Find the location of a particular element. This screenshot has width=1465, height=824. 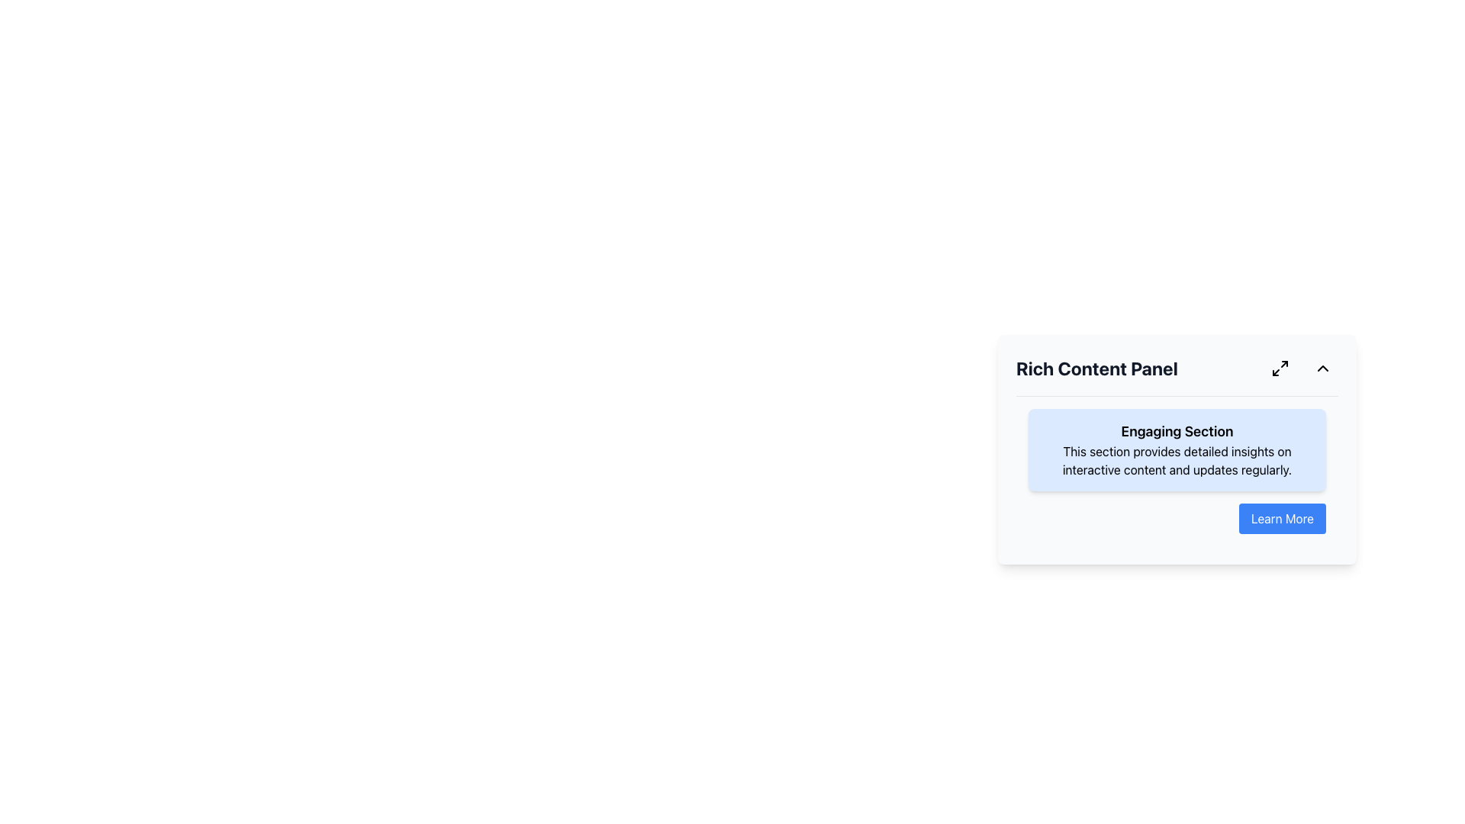

the Icon button located at the top right of the 'Rich Content Panel' is located at coordinates (1280, 368).